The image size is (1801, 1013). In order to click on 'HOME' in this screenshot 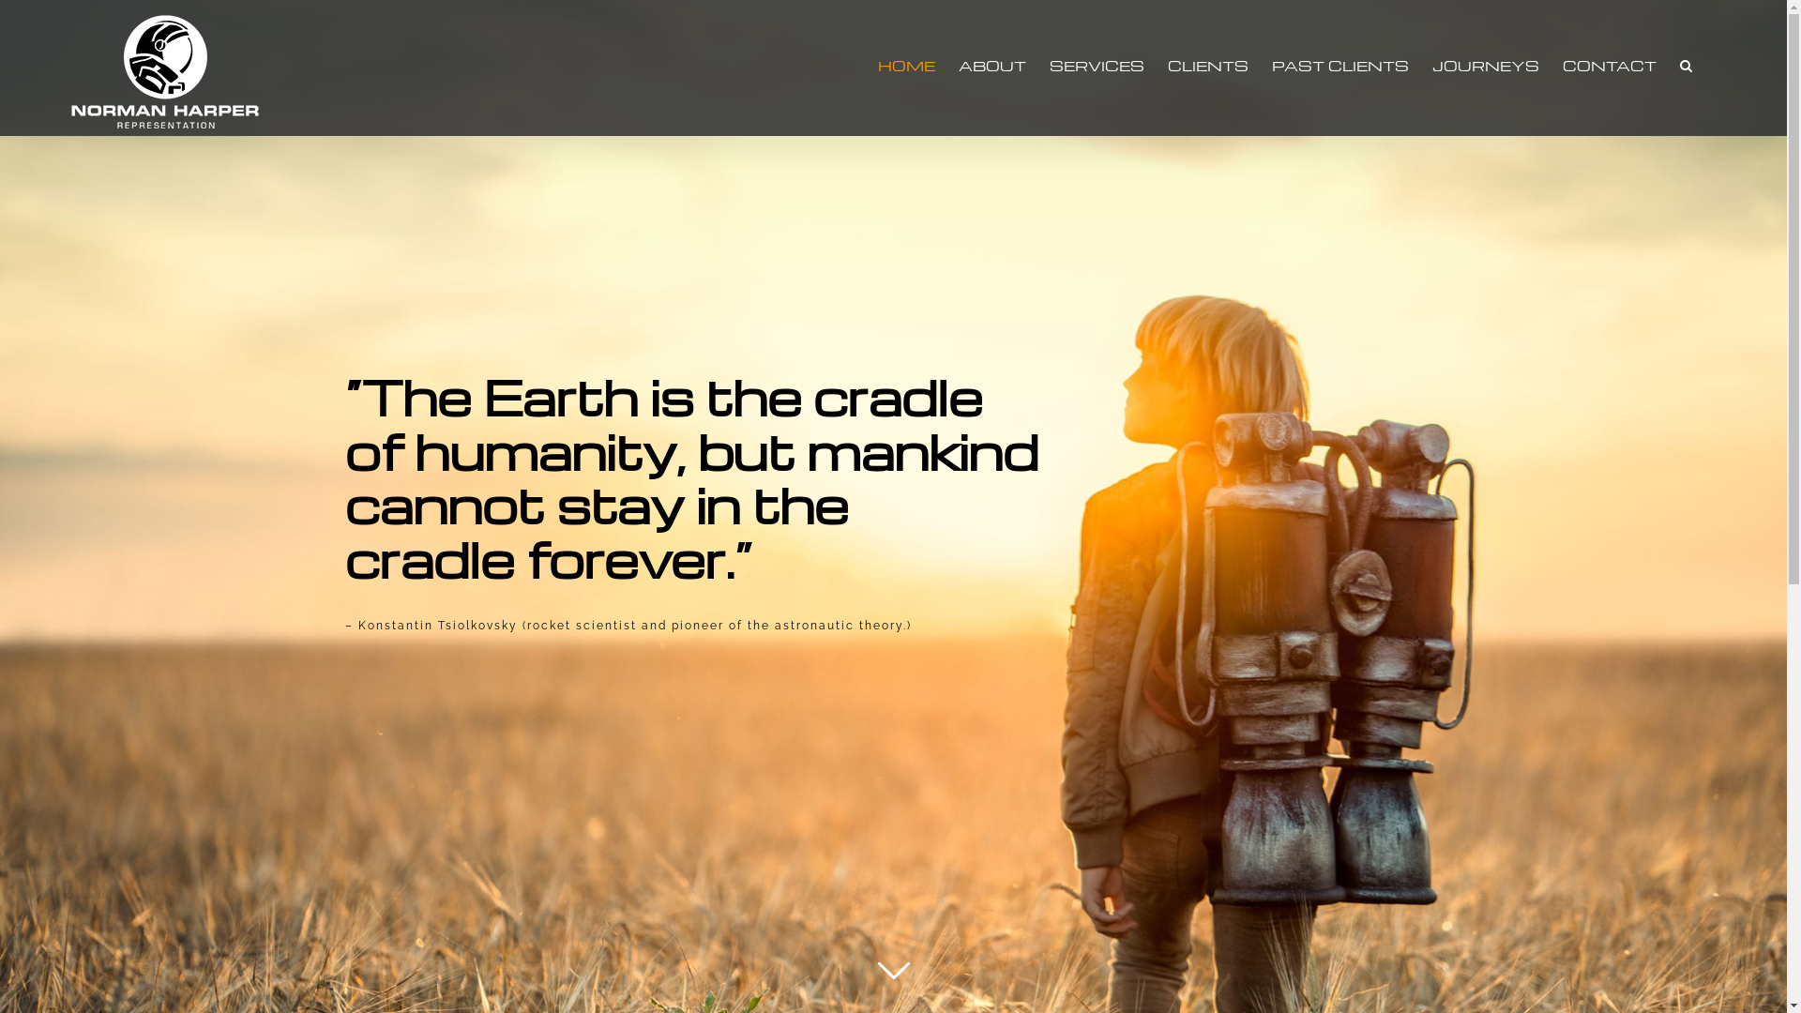, I will do `click(906, 64)`.